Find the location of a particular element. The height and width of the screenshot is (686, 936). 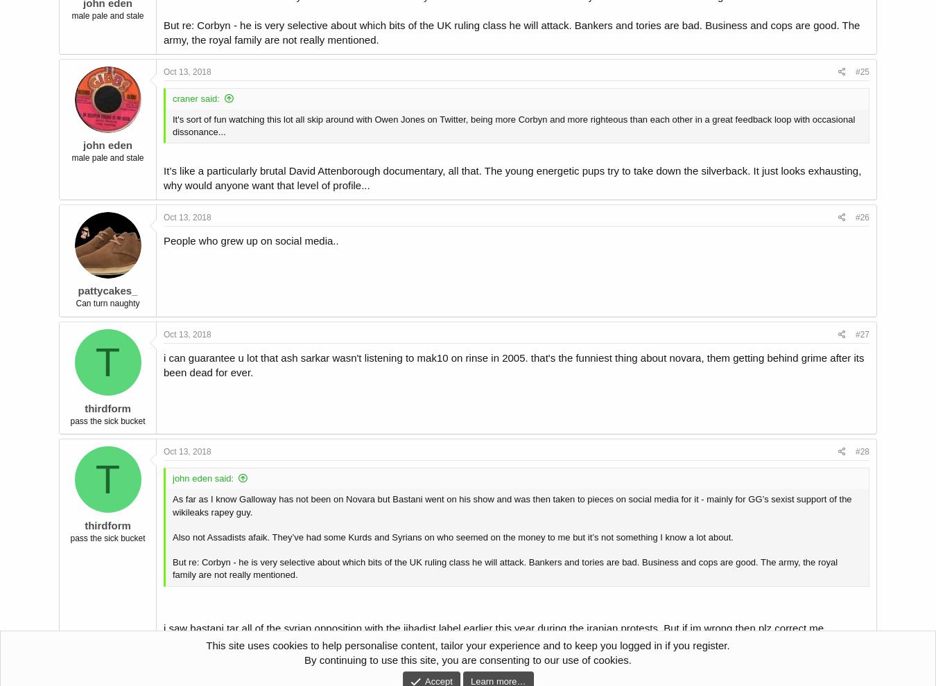

'#25' is located at coordinates (862, 70).